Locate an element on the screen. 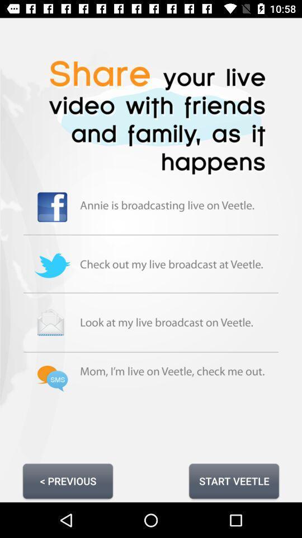 This screenshot has width=302, height=538. the < previous item is located at coordinates (68, 480).